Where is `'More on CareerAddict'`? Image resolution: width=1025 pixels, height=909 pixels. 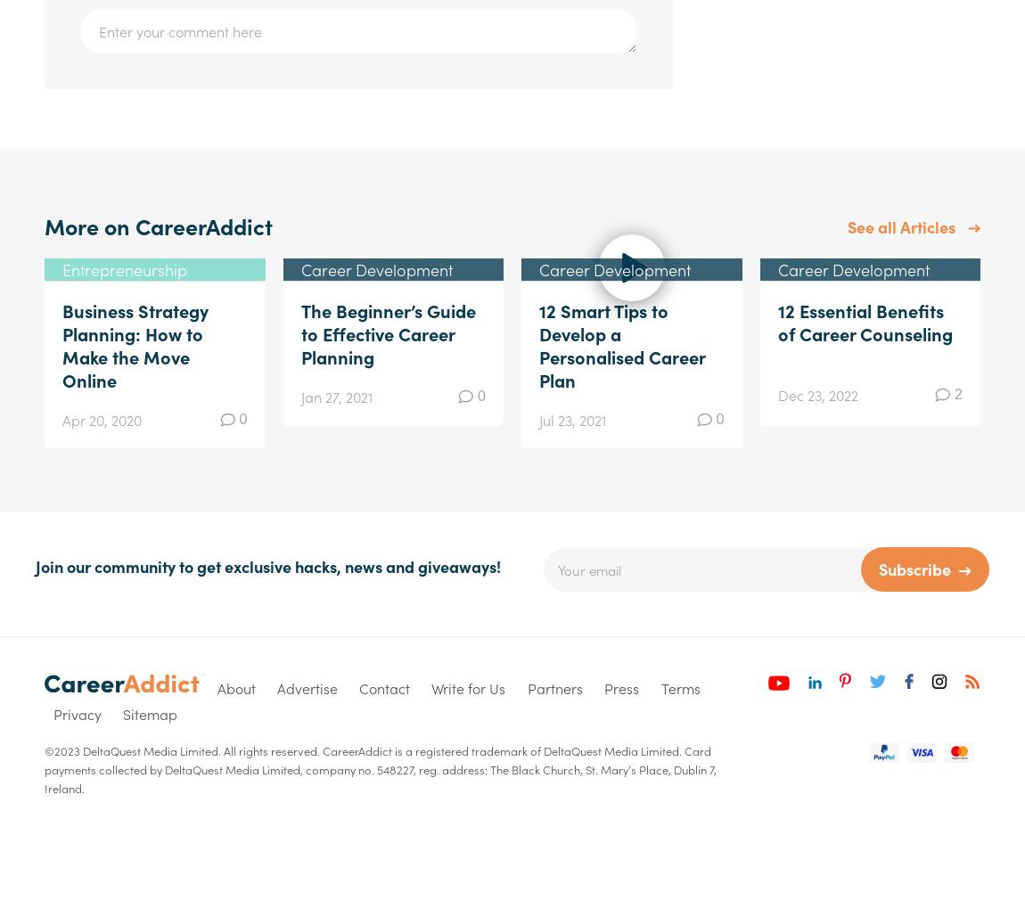
'More on CareerAddict' is located at coordinates (44, 225).